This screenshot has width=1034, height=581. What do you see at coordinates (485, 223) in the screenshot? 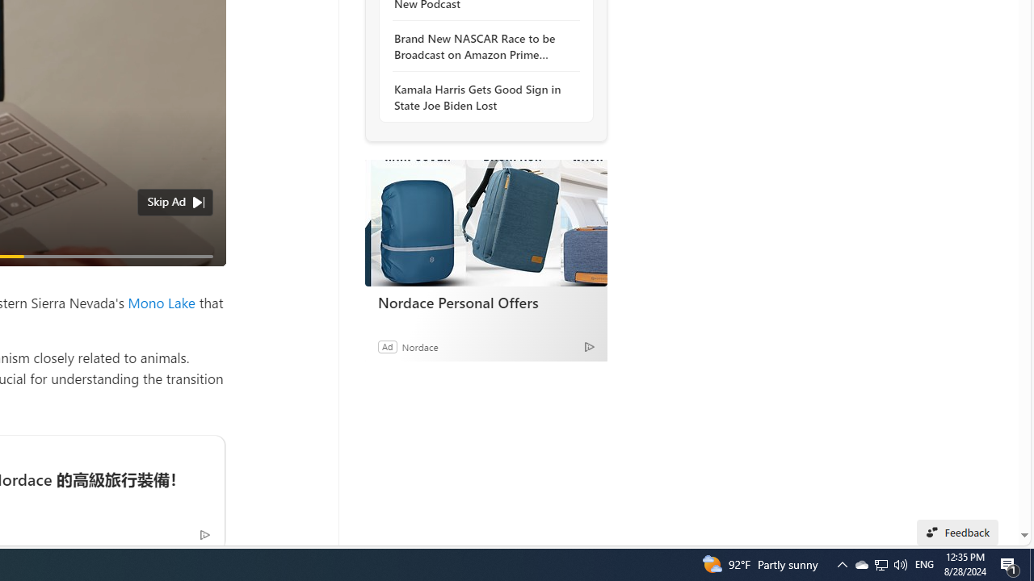
I see `'Nordace Personal Offers'` at bounding box center [485, 223].